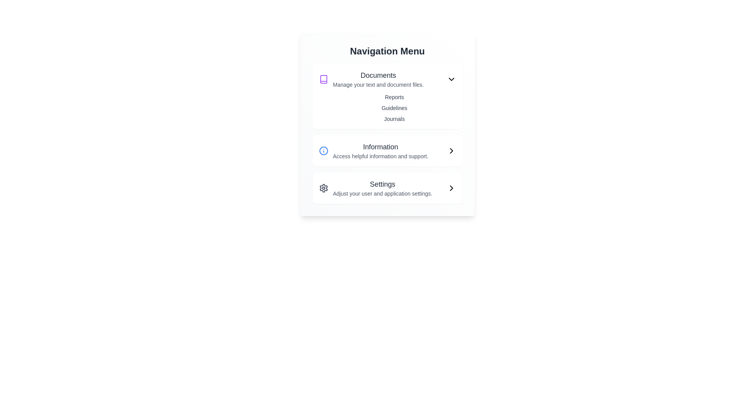  Describe the element at coordinates (323, 188) in the screenshot. I see `the gear-shaped icon located to the left of the 'Settings' heading, which is styled in a minimalistic gray color and is the first element in a group that includes a description below it` at that location.